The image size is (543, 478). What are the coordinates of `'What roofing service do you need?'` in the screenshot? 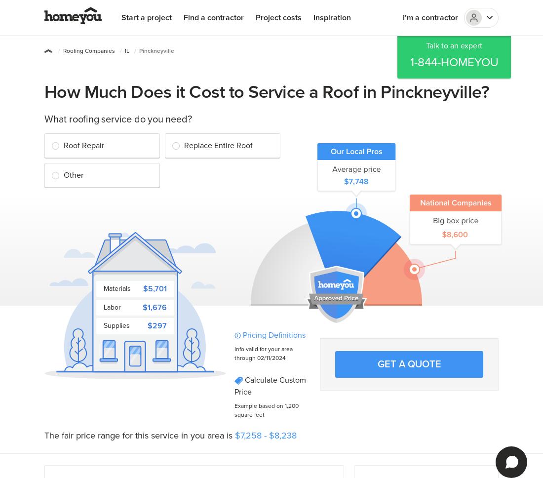 It's located at (44, 119).